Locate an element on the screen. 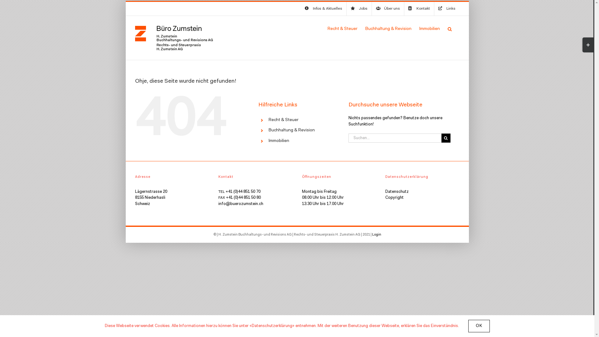 The height and width of the screenshot is (337, 599). 'OK' is located at coordinates (478, 326).